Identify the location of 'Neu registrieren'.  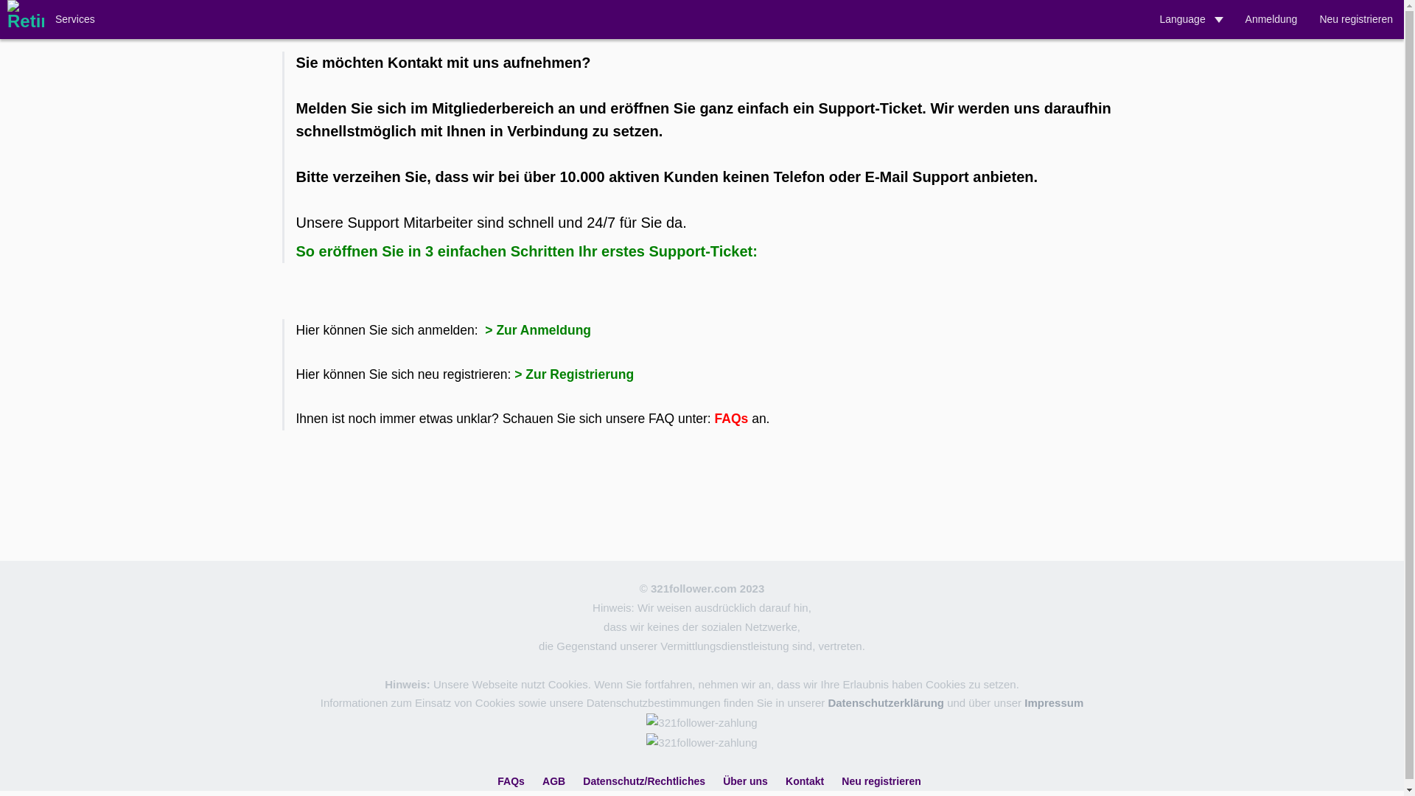
(1355, 19).